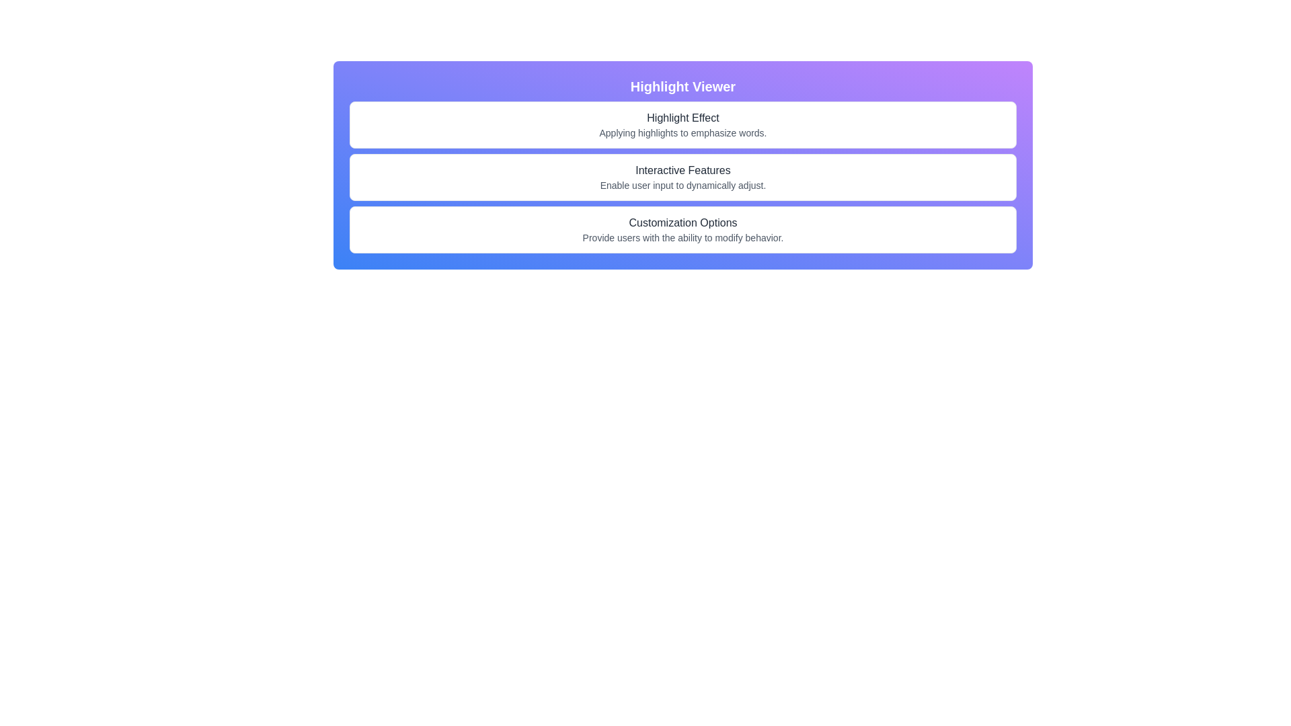 The image size is (1291, 726). I want to click on the lowercase letter 'f' in the word 'Effect' of the heading 'Highlight Effect', which is styled with a hover effect and located near the center-left of the text, so click(699, 117).